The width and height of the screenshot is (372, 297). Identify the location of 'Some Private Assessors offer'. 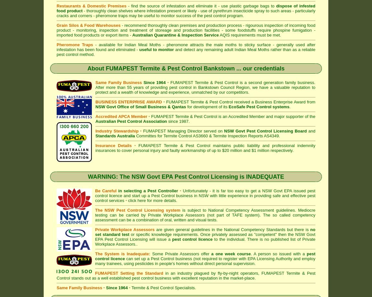
(181, 254).